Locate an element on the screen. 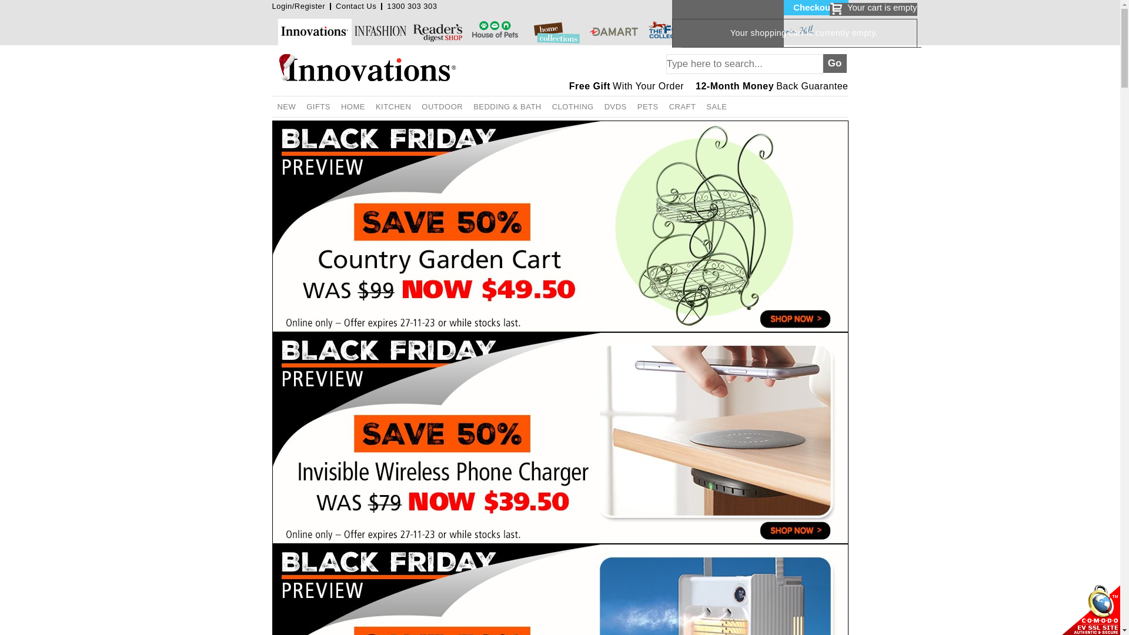 The height and width of the screenshot is (635, 1129). 'HOME' is located at coordinates (352, 106).